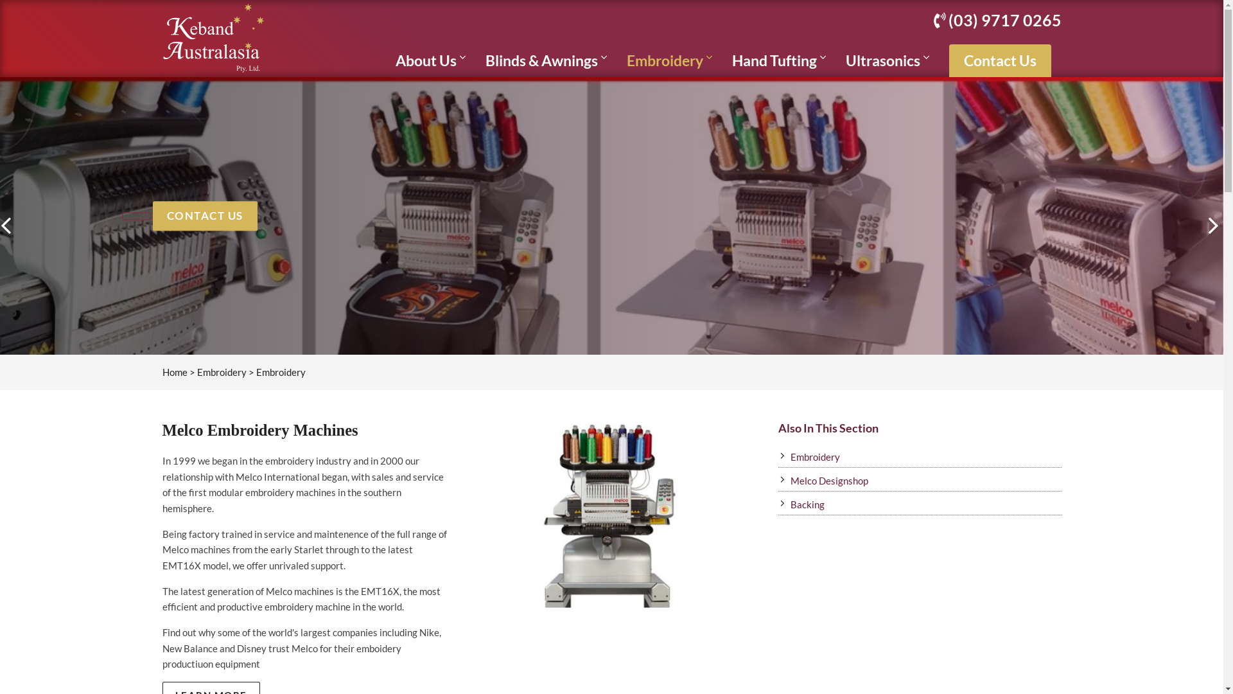 This screenshot has height=694, width=1233. I want to click on 'About Us', so click(430, 60).